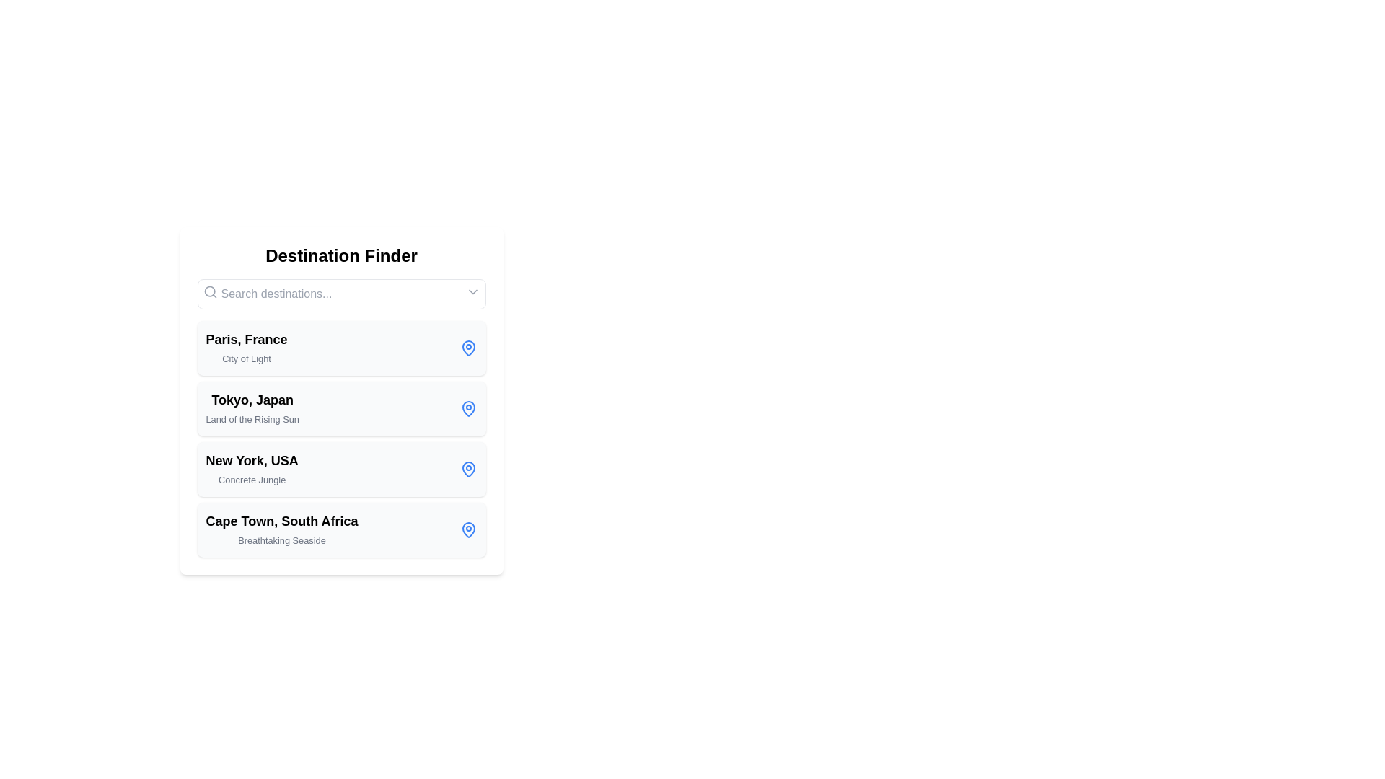  What do you see at coordinates (468, 470) in the screenshot?
I see `the blue-colored map-pin icon associated with 'New York, USA' by moving the cursor to its position for interaction` at bounding box center [468, 470].